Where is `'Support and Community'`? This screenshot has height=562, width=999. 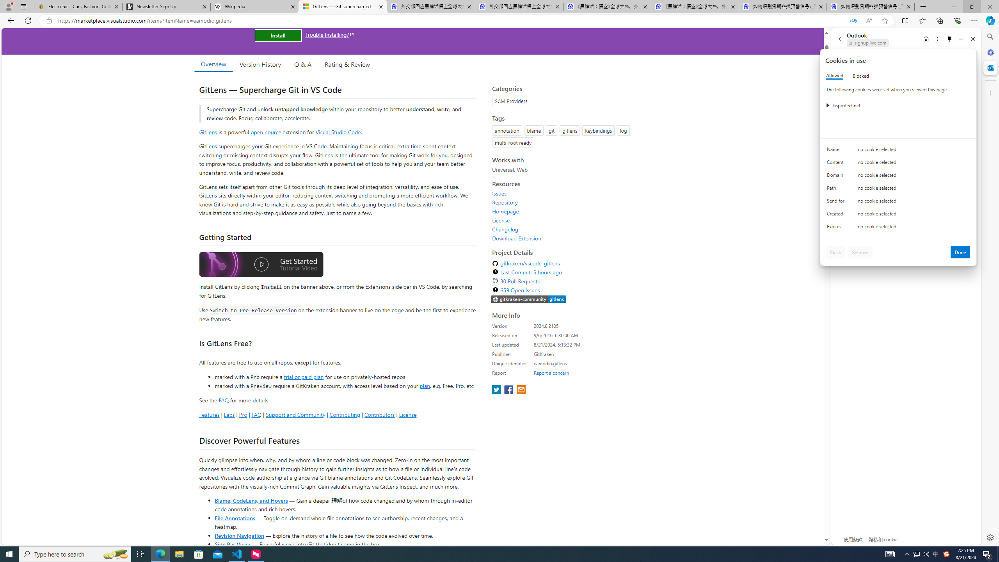 'Support and Community' is located at coordinates (295, 414).